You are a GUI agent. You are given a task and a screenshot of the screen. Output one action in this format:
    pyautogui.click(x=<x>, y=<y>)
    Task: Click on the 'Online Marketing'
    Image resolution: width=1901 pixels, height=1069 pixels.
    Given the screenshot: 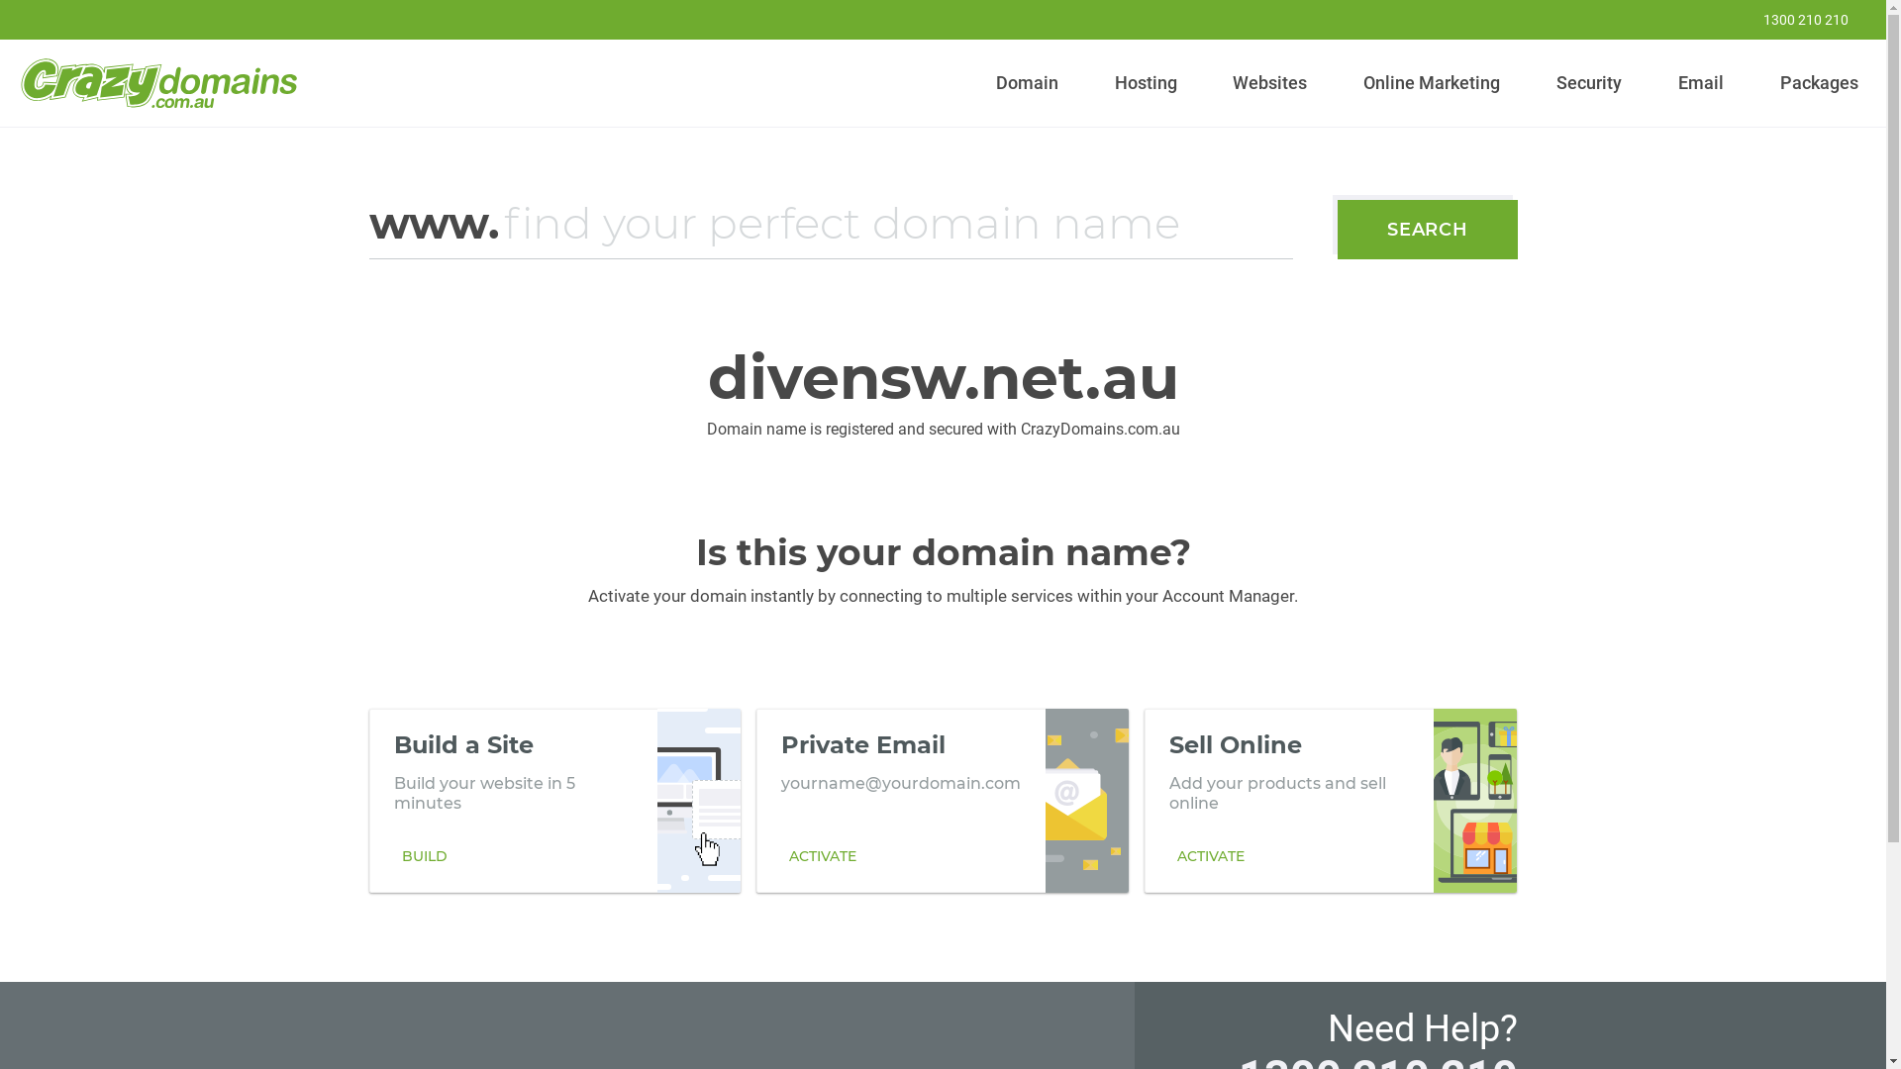 What is the action you would take?
    pyautogui.click(x=1432, y=82)
    